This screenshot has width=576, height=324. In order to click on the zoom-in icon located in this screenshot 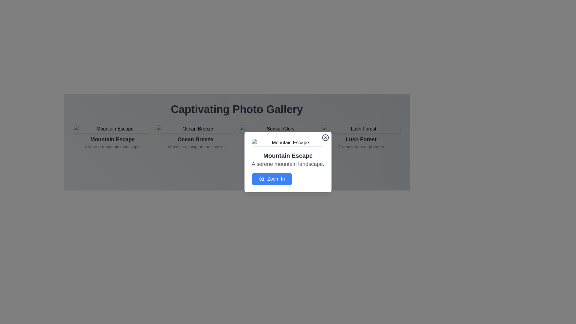, I will do `click(262, 179)`.